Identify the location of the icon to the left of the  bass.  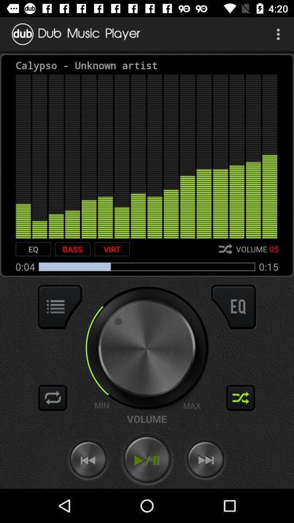
(33, 249).